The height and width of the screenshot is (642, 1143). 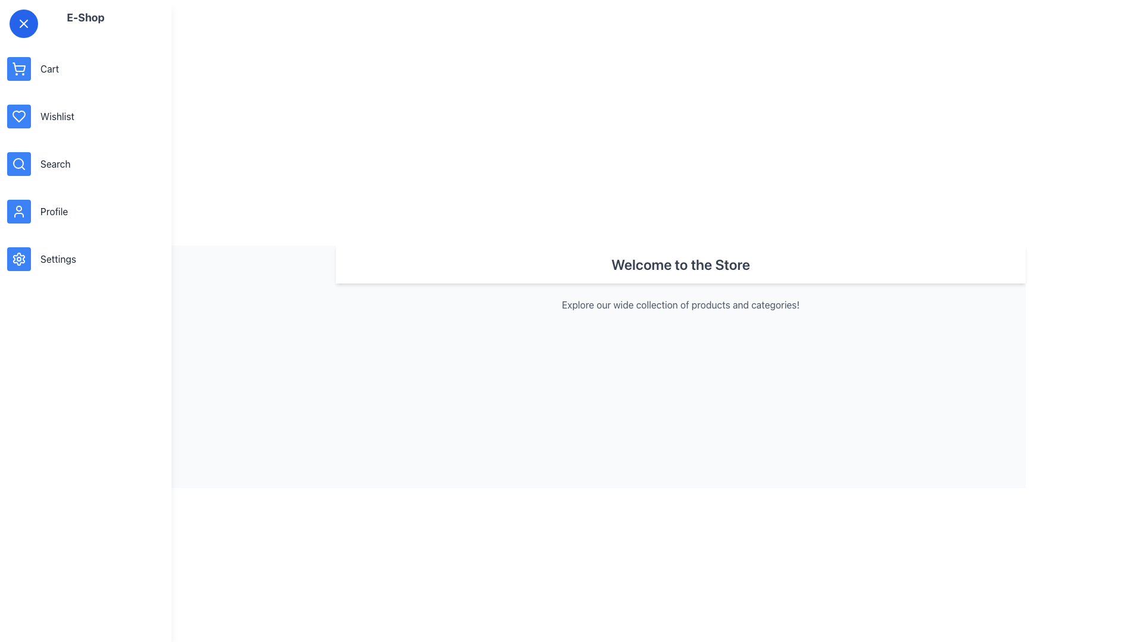 What do you see at coordinates (19, 68) in the screenshot?
I see `the shopping cart icon located in the vertical navigation menu, directly below the 'E-Shop' label` at bounding box center [19, 68].